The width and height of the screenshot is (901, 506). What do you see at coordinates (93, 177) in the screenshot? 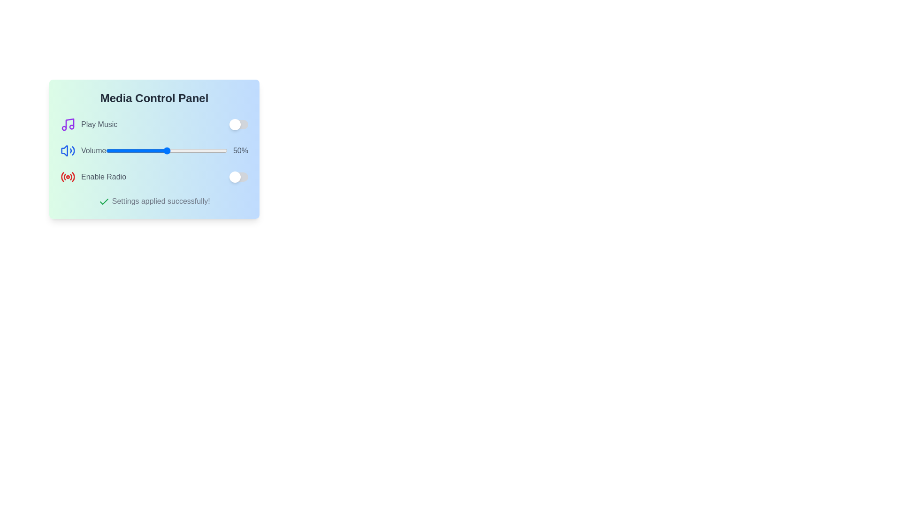
I see `the 'Enable Radio' text label with a red radio signal icon located in the middle-left section of the 'Media Control Panel', which is the third option in a vertical list of settings` at bounding box center [93, 177].